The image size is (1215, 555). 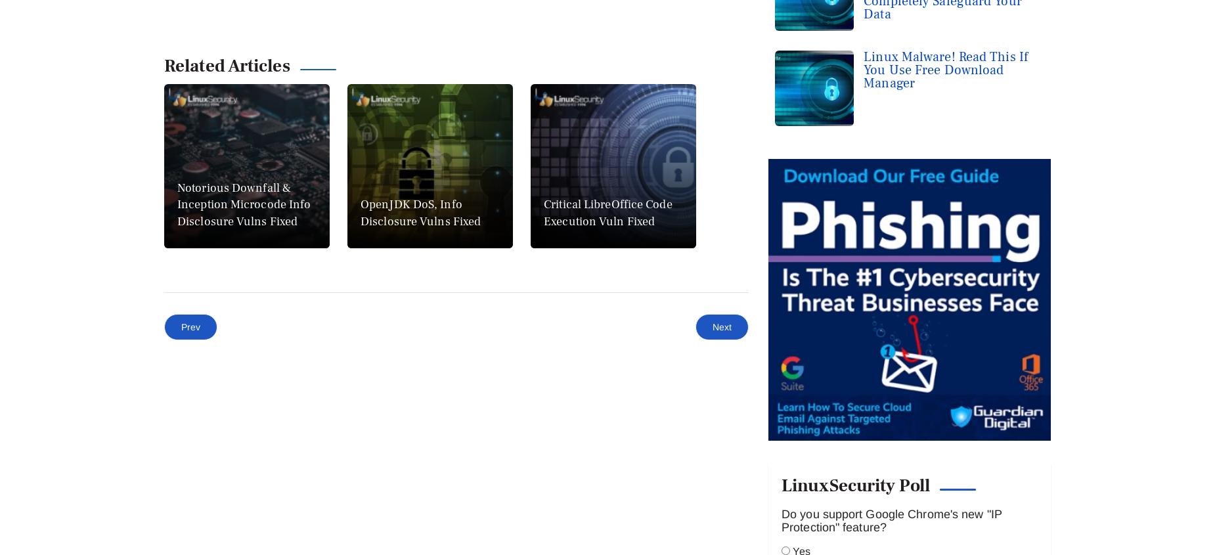 What do you see at coordinates (616, 531) in the screenshot?
I see `'5 Security Best Practices for Docker Containers With Data Management Software'` at bounding box center [616, 531].